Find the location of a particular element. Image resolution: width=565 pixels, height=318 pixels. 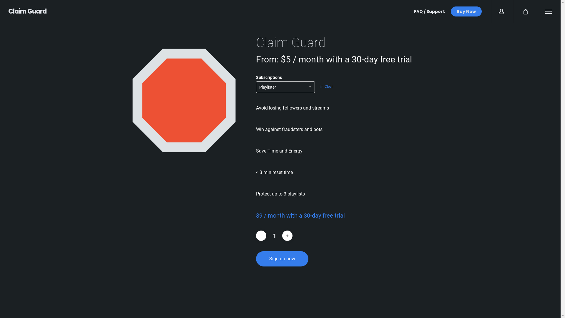

'Claim Guard' is located at coordinates (27, 11).